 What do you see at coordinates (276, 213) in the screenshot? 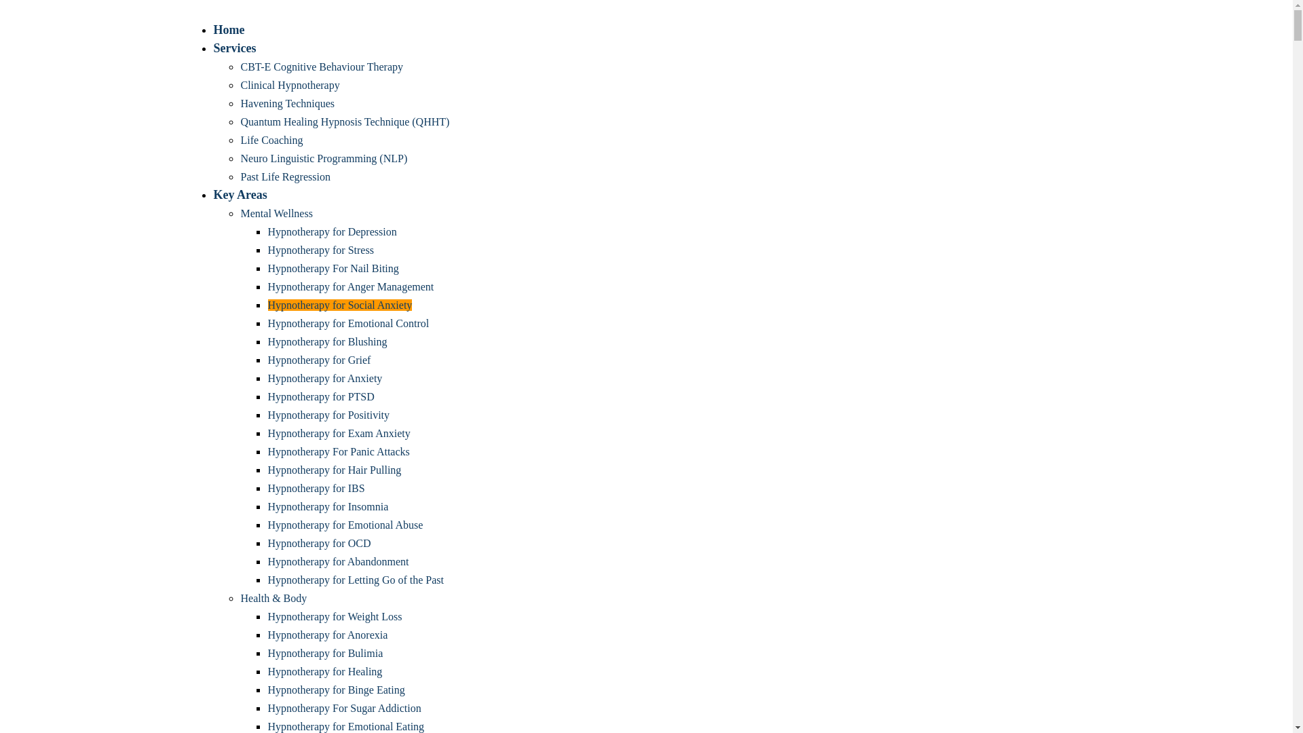
I see `'Mental Wellness'` at bounding box center [276, 213].